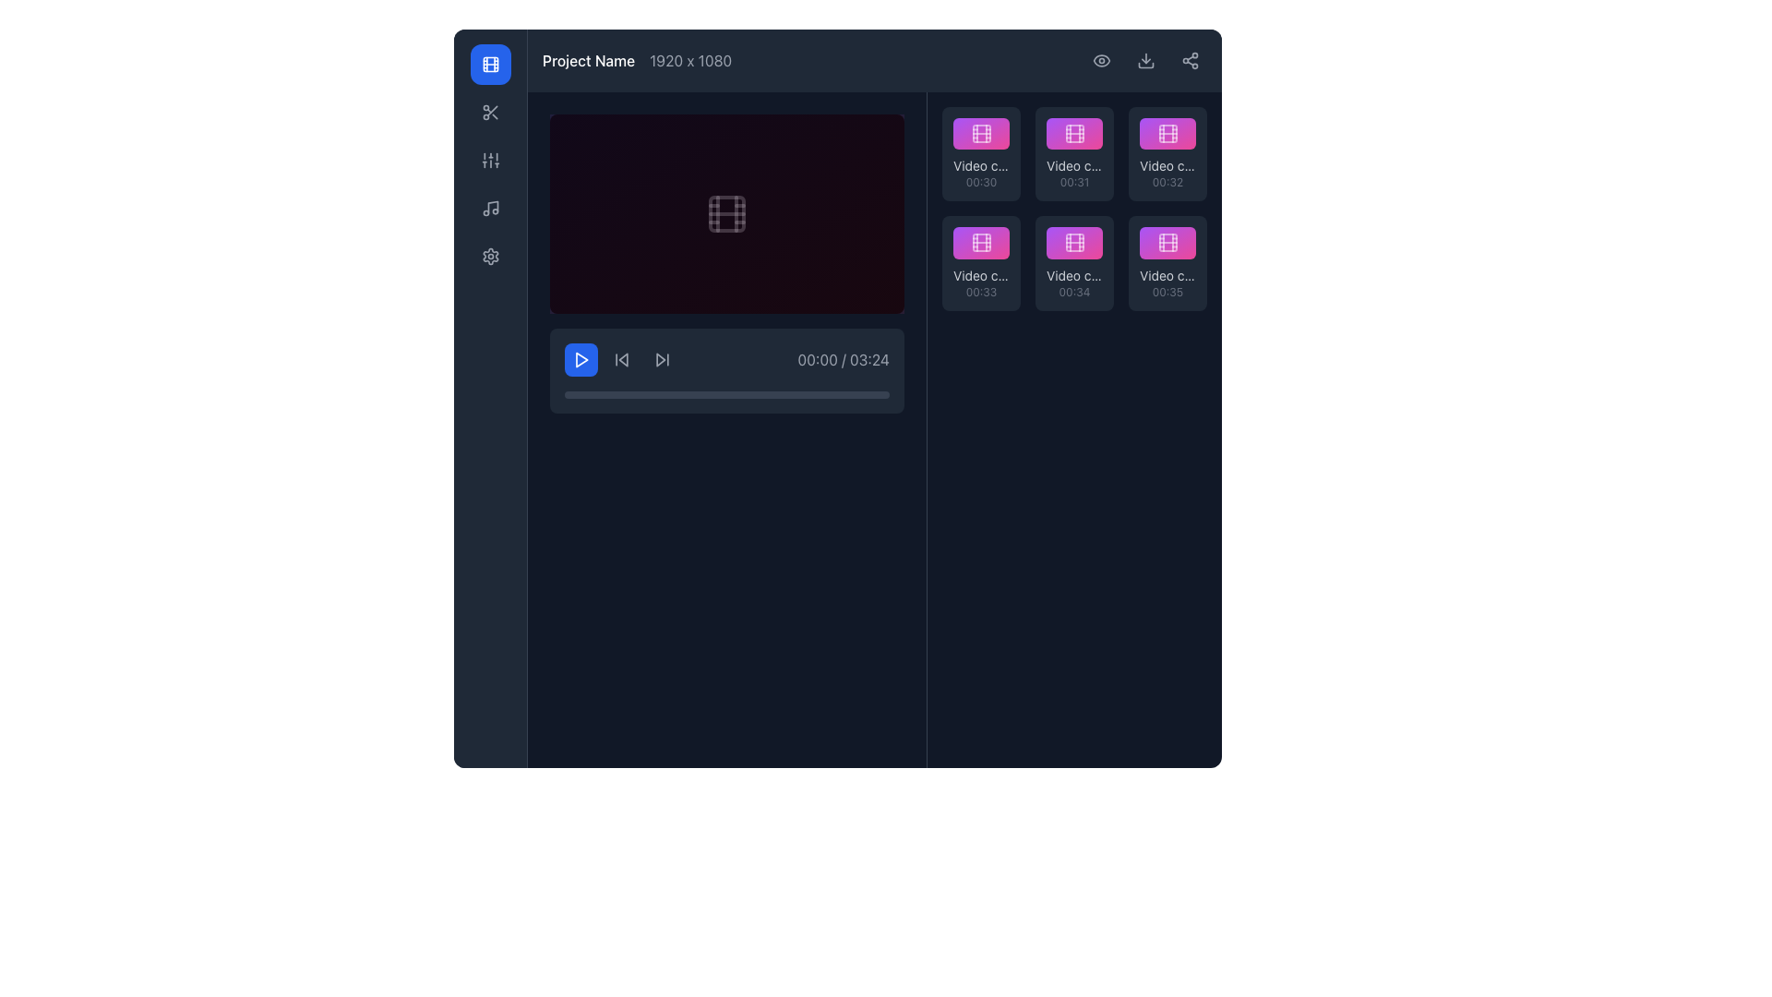 The image size is (1772, 997). I want to click on the play button on the Media Control Bar, so click(725, 370).